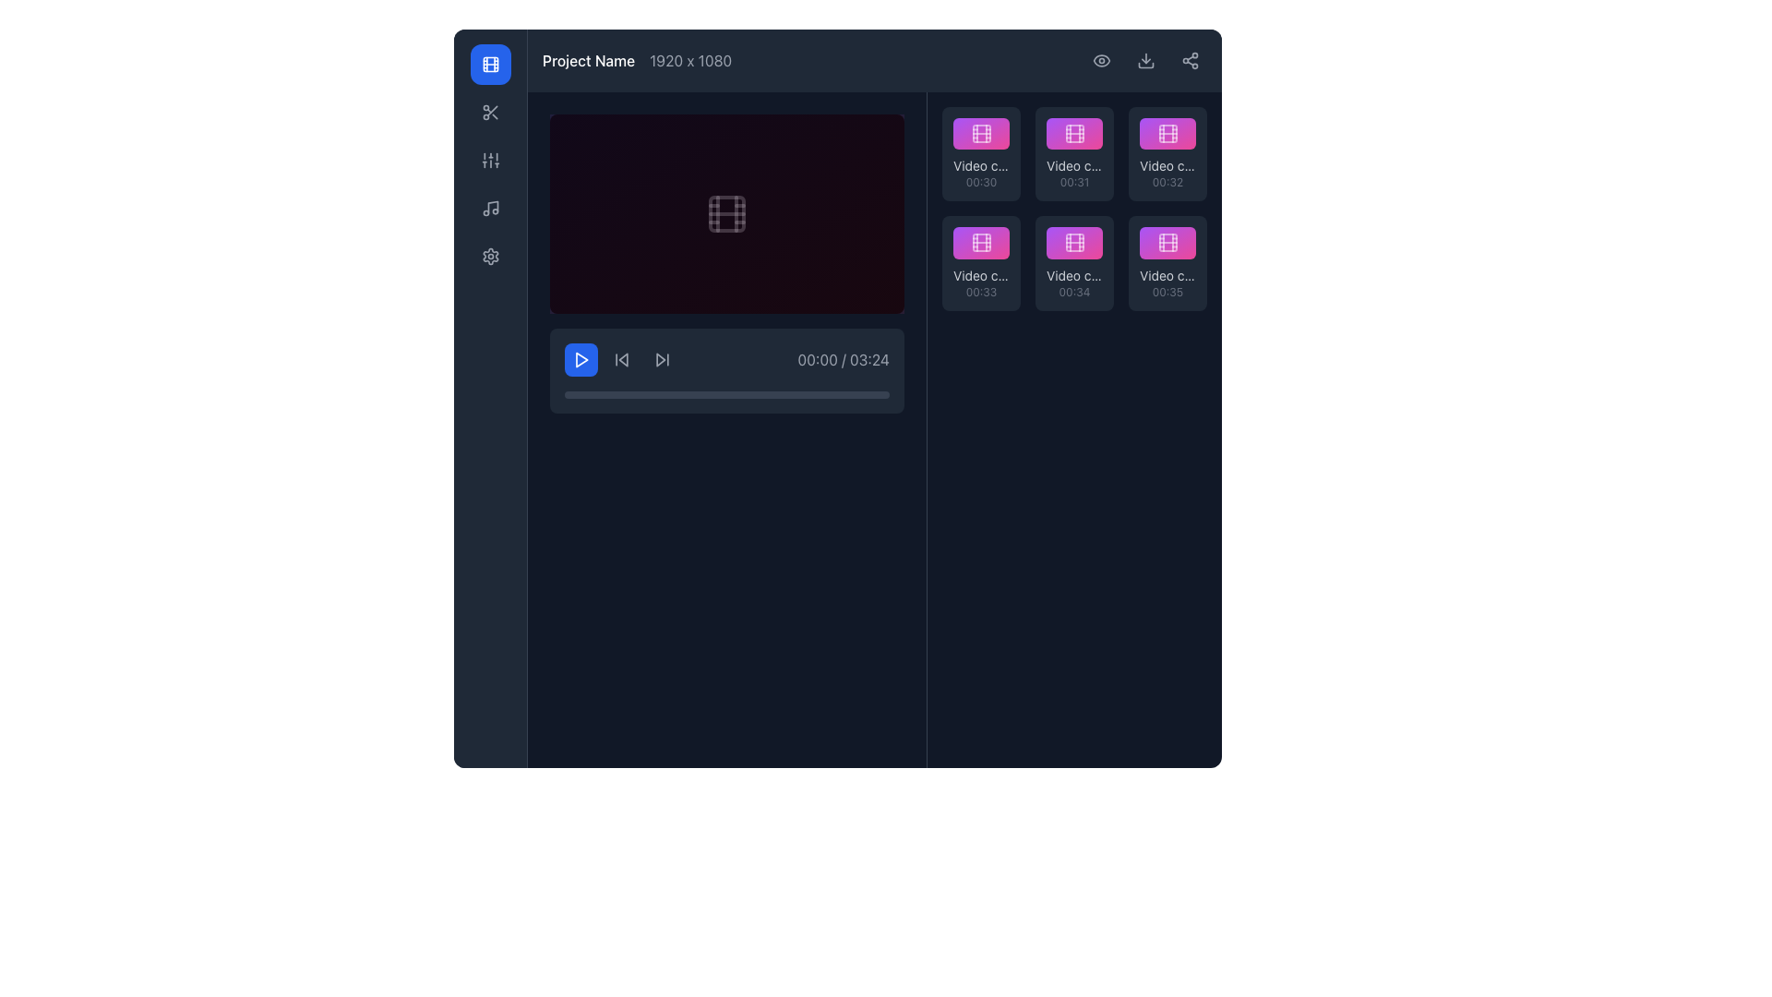 The image size is (1772, 997). I want to click on the play button on the Media Control Bar, so click(725, 370).